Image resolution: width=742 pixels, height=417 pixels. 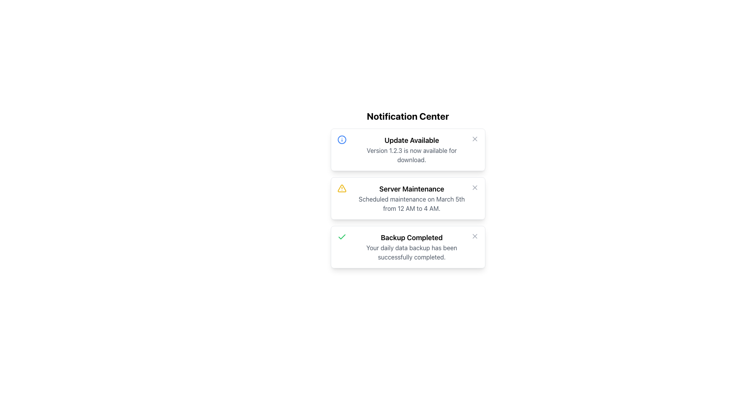 I want to click on the title text of the notification regarding server maintenance for accessibility purposes, so click(x=411, y=189).